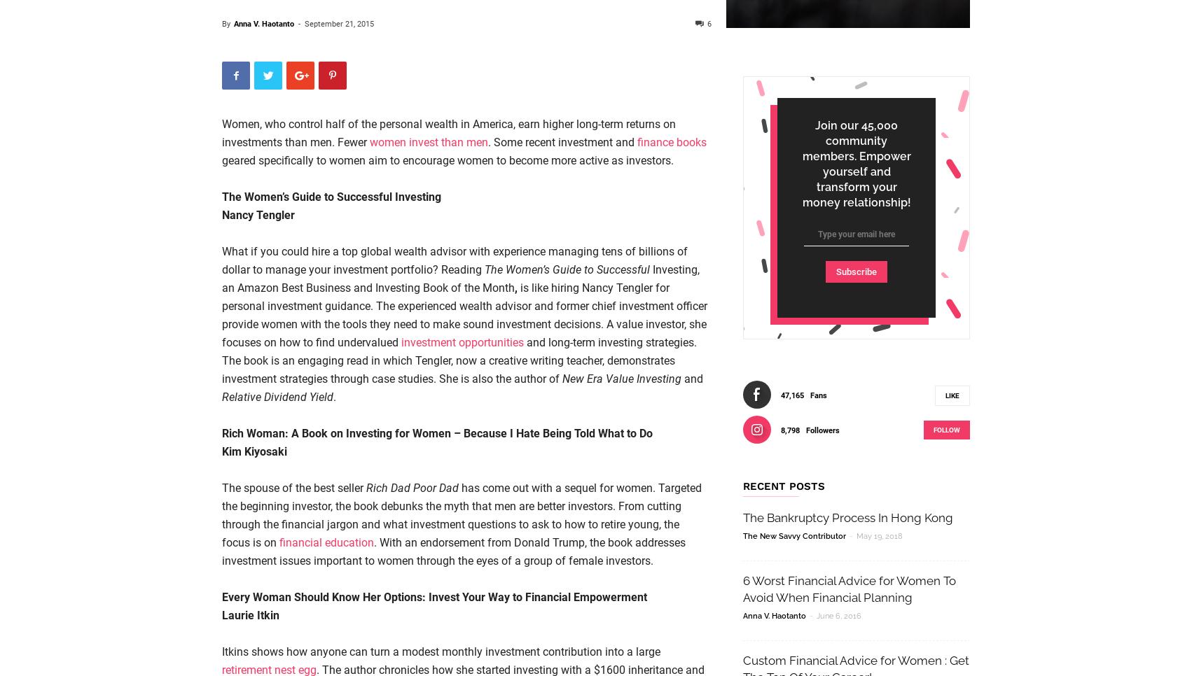 Image resolution: width=1192 pixels, height=676 pixels. I want to click on 'Join our 45,000 community members. Empower yourself and transform your money relationship!', so click(856, 163).